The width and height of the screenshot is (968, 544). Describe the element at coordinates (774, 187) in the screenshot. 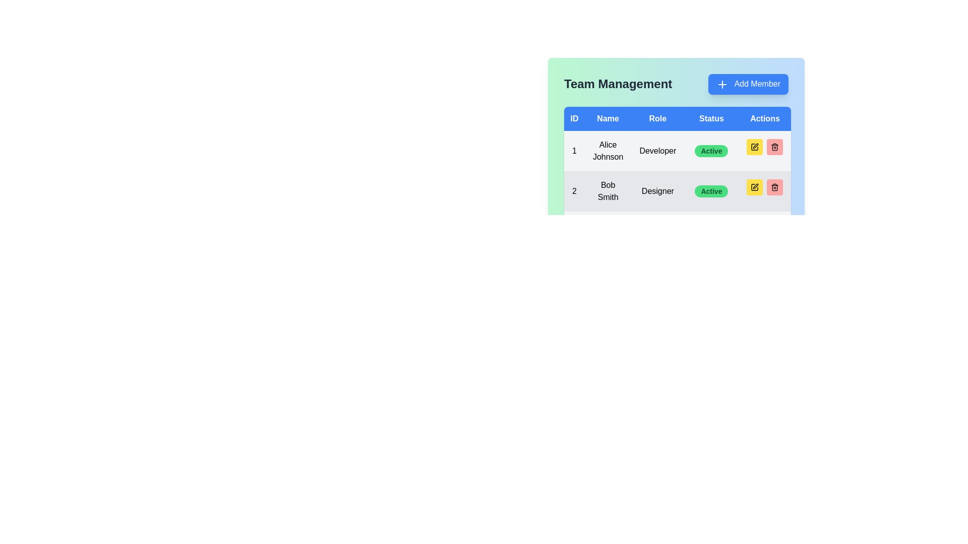

I see `the small square button with a red background and a black trash can icon located in the 'Actions' column of the table, specifically the third button in the group, for keyboard navigation` at that location.